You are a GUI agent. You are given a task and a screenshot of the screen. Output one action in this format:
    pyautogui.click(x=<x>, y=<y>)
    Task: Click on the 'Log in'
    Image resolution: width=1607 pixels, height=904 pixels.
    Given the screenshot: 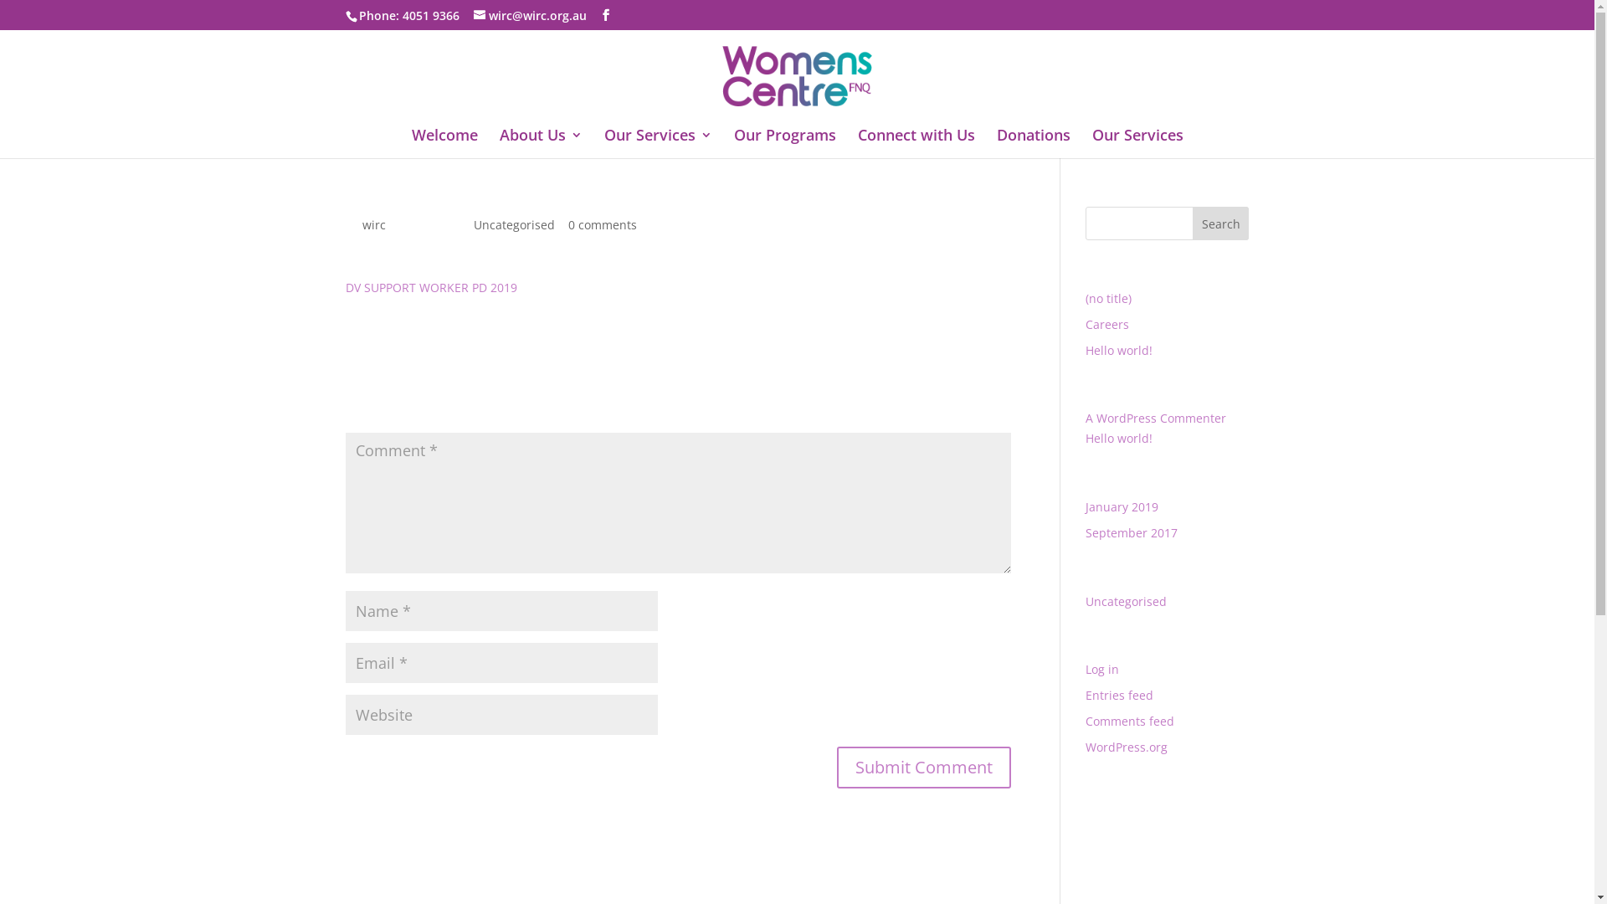 What is the action you would take?
    pyautogui.click(x=1101, y=668)
    